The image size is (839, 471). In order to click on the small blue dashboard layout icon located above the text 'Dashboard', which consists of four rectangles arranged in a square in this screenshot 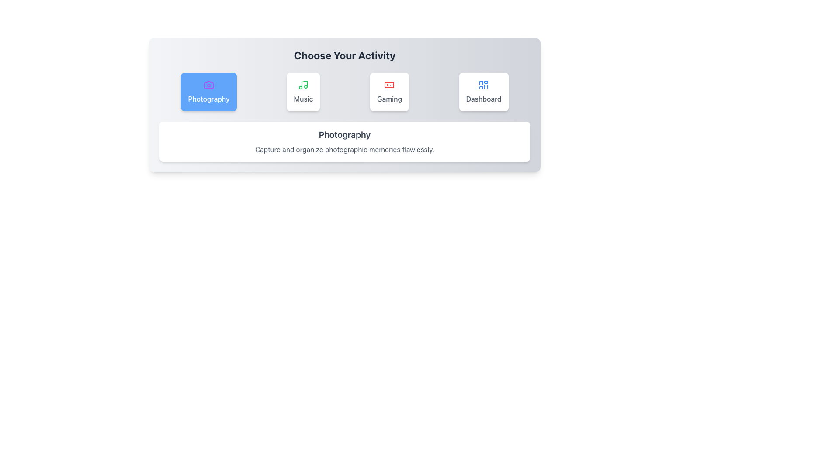, I will do `click(483, 85)`.